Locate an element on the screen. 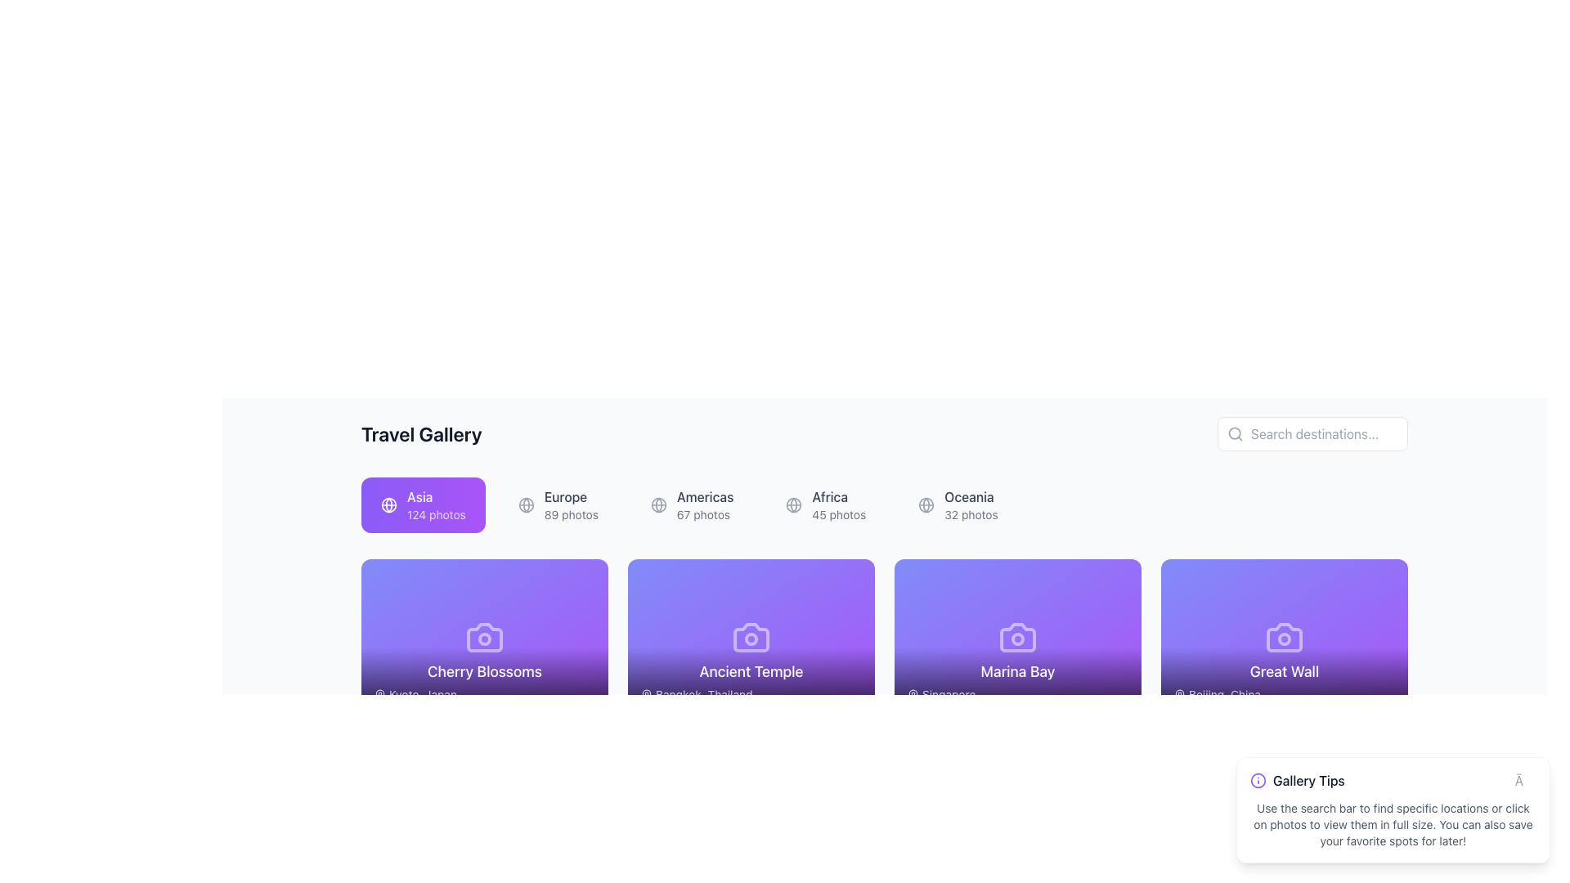 The image size is (1570, 883). the button that navigates to the 'Africa' section in the gallery, positioned as the fourth item between 'Americas' and 'Oceania' is located at coordinates (826, 504).